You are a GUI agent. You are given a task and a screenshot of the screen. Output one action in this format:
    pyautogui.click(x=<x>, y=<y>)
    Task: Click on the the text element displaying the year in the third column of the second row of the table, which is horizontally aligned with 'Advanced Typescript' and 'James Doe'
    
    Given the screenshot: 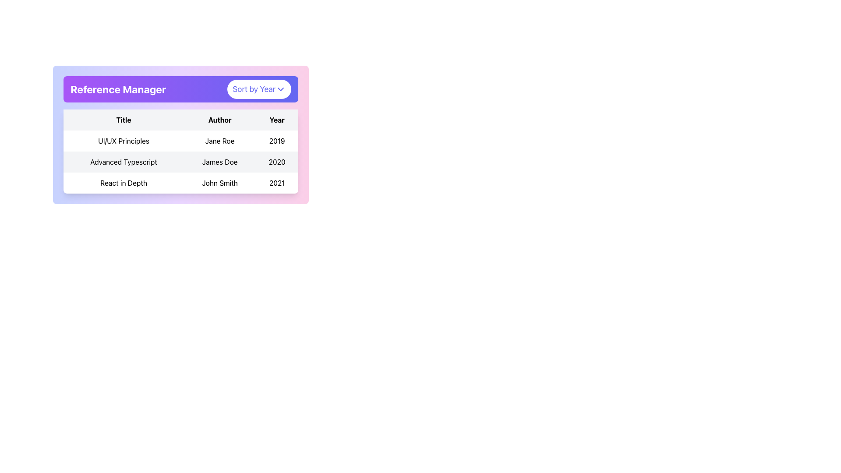 What is the action you would take?
    pyautogui.click(x=276, y=162)
    